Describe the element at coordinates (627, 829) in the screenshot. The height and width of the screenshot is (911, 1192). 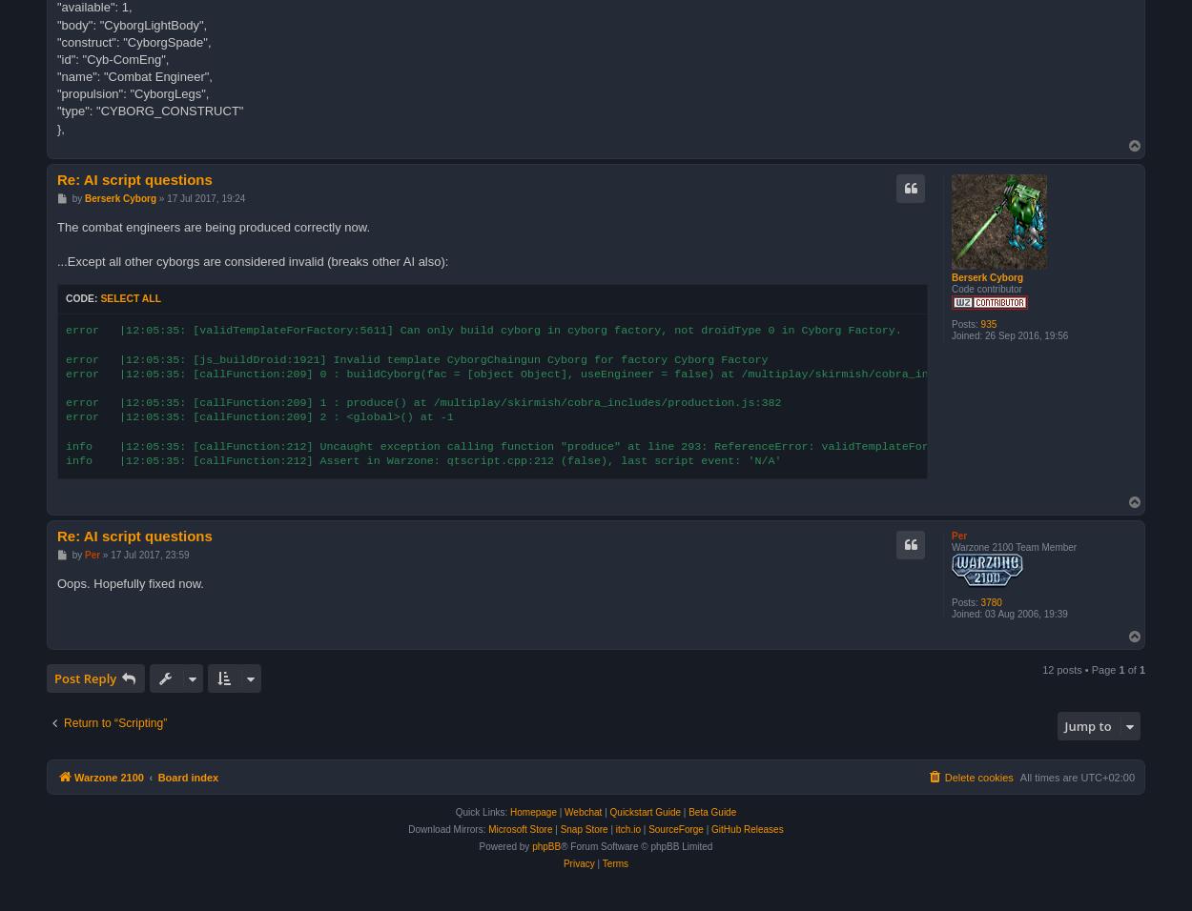
I see `'itch.io'` at that location.